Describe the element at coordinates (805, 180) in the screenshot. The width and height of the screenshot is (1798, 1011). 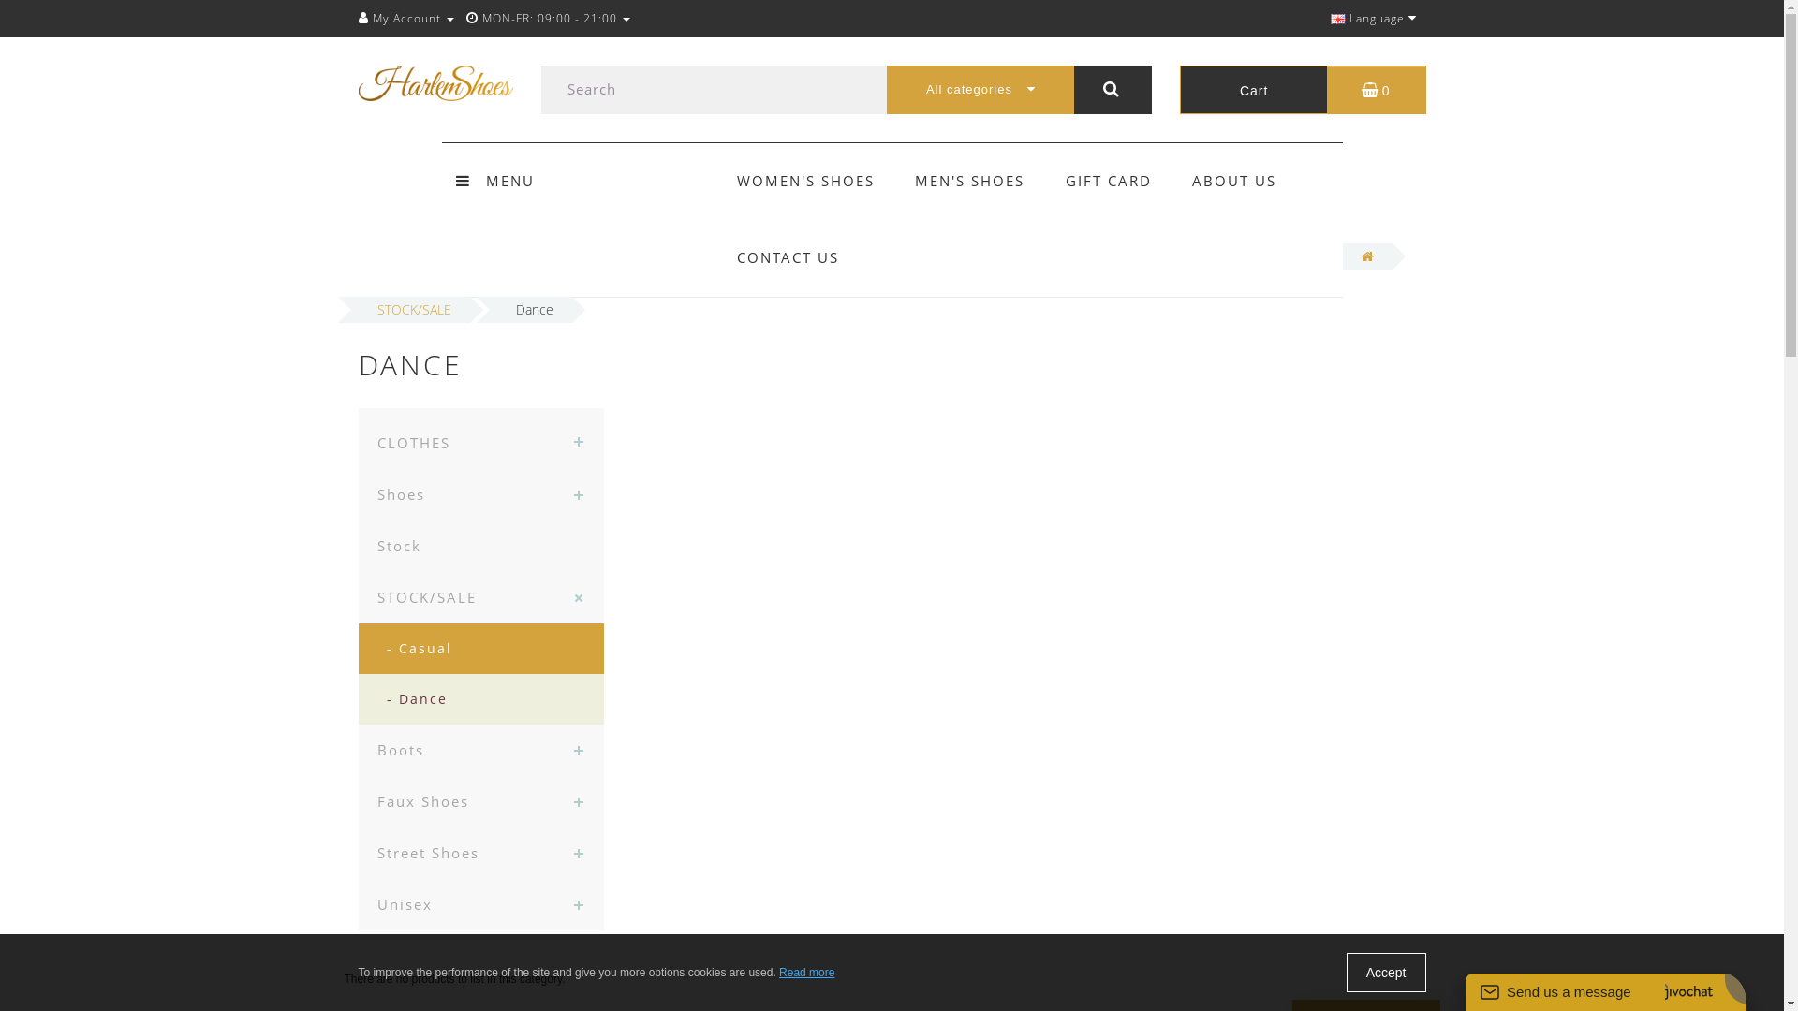
I see `'WOMEN'S SHOES'` at that location.